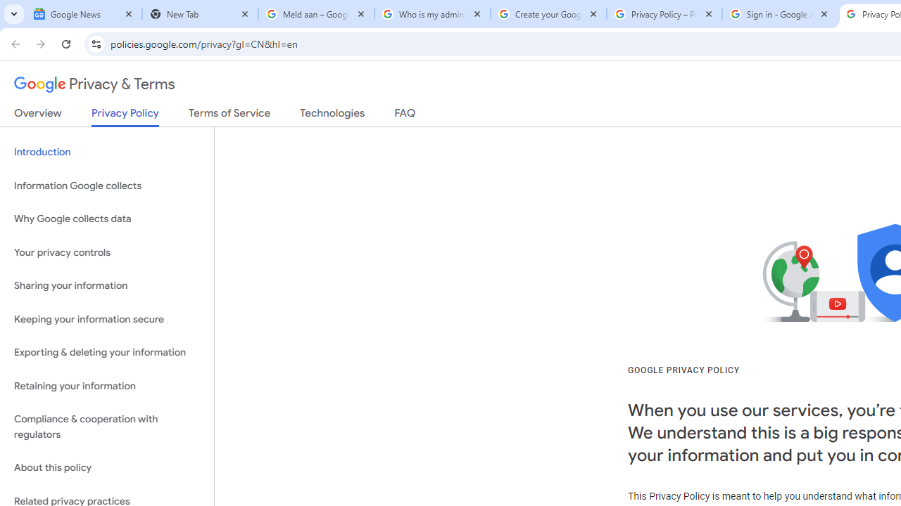 The width and height of the screenshot is (901, 506). Describe the element at coordinates (548, 14) in the screenshot. I see `'Create your Google Account'` at that location.